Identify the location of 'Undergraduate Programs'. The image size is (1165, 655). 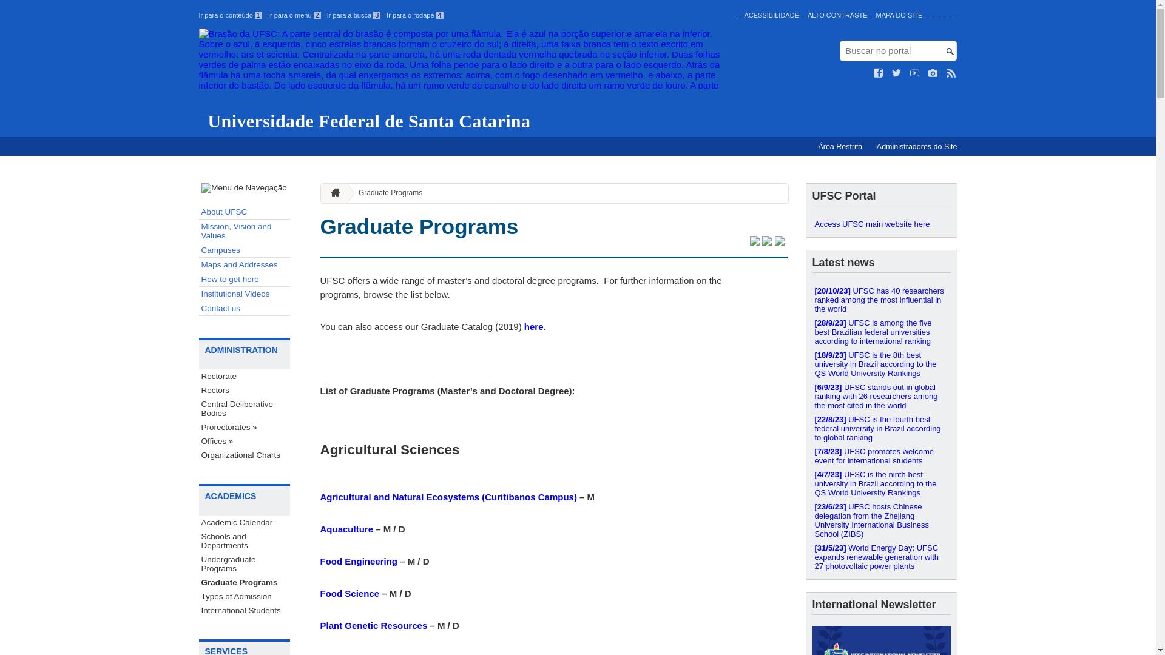
(198, 563).